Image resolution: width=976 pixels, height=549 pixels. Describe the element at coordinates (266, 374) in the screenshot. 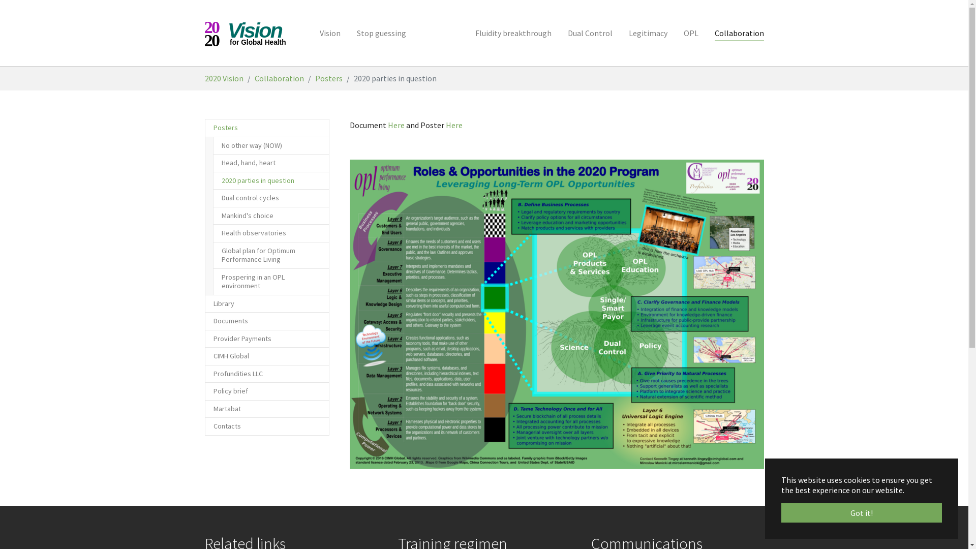

I see `'Profundities LLC'` at that location.